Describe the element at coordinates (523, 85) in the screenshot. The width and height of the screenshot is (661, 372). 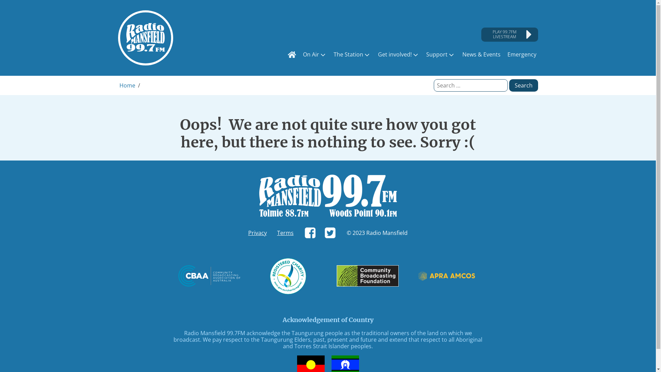
I see `'Search'` at that location.